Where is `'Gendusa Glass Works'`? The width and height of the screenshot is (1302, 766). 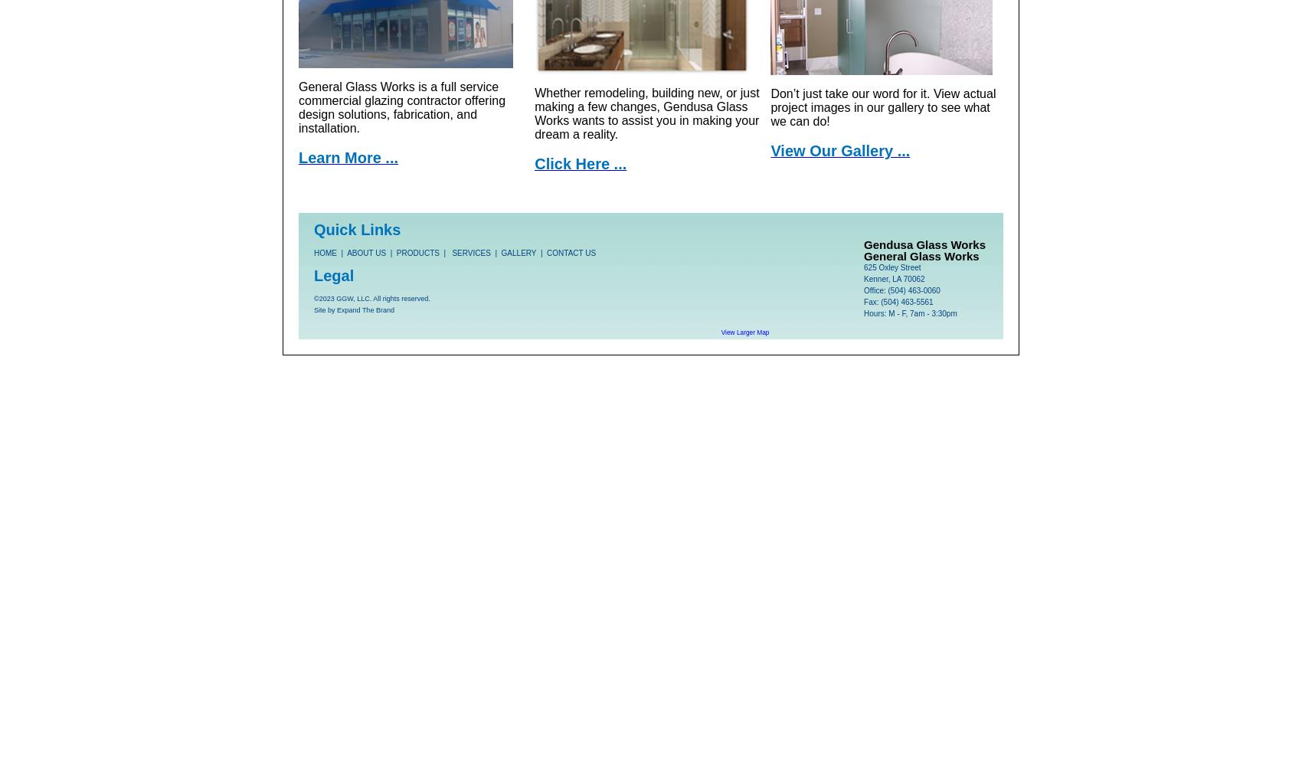
'Gendusa Glass Works' is located at coordinates (924, 243).